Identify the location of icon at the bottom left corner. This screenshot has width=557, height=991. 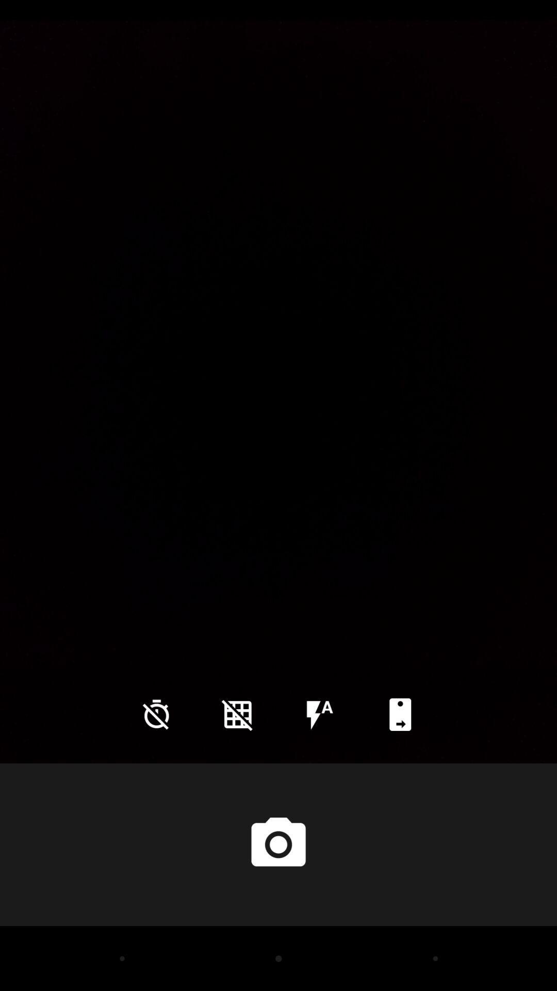
(156, 714).